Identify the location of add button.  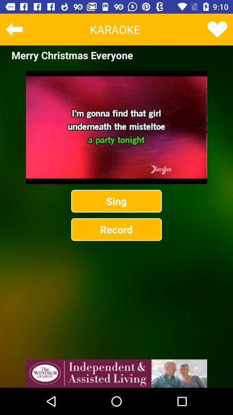
(116, 373).